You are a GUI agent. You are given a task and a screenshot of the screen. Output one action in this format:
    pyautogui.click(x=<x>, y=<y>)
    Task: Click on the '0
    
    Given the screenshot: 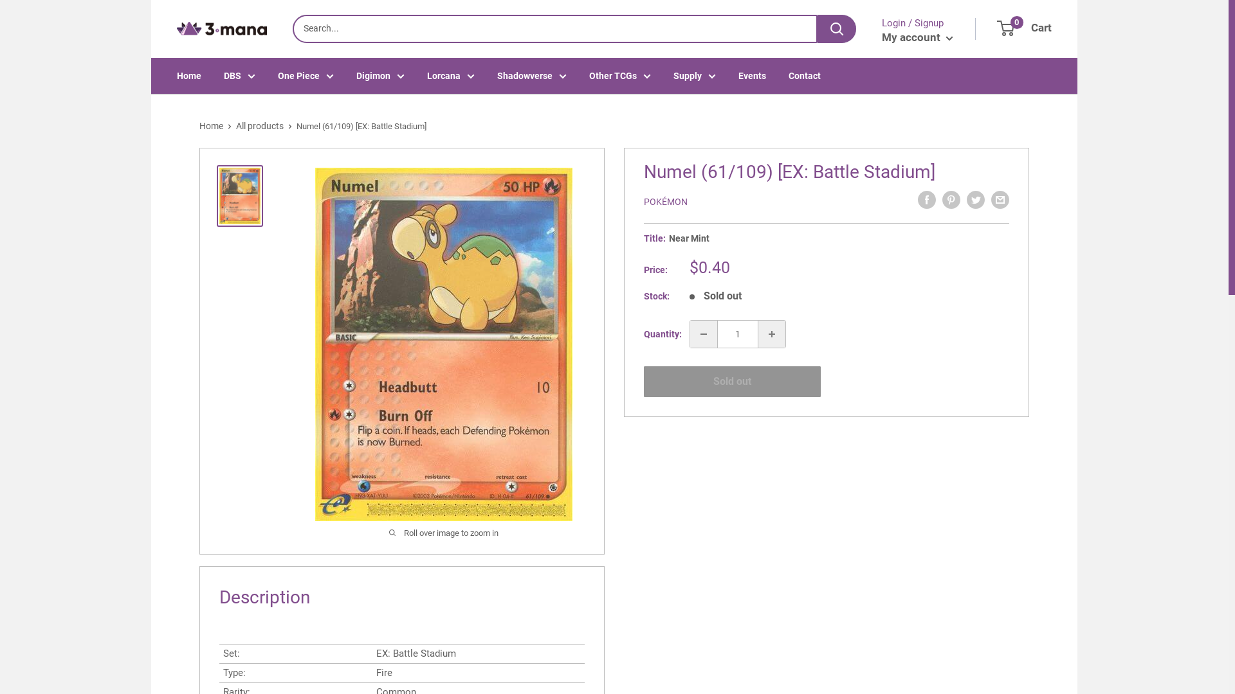 What is the action you would take?
    pyautogui.click(x=997, y=28)
    